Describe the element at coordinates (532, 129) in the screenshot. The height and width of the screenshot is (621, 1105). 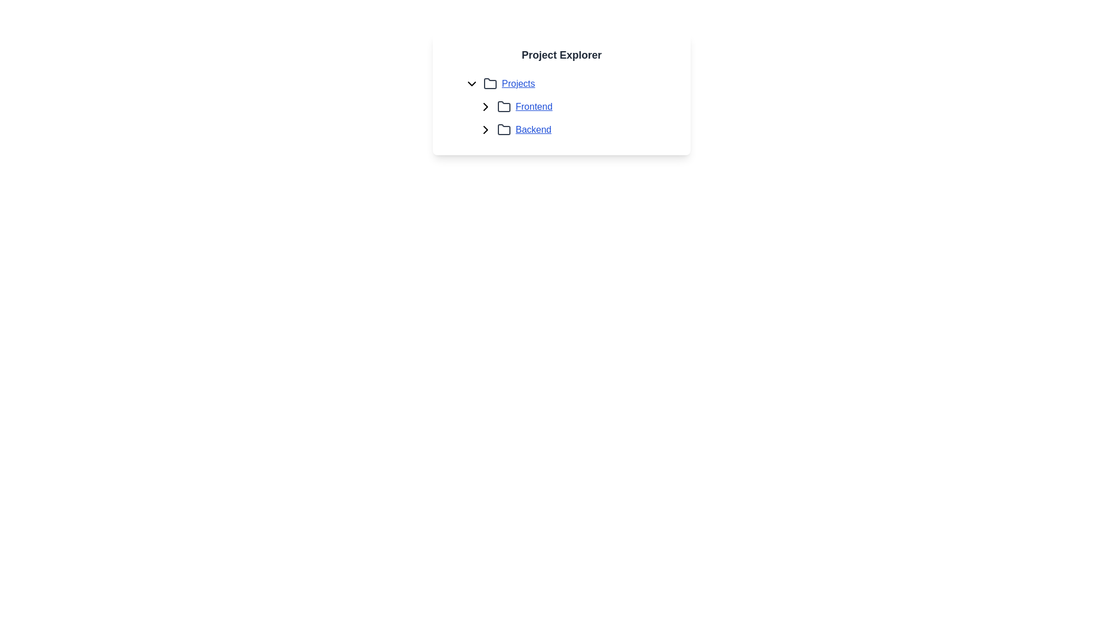
I see `the interactive text link labeled 'Backend' styled with an underlined blue font` at that location.